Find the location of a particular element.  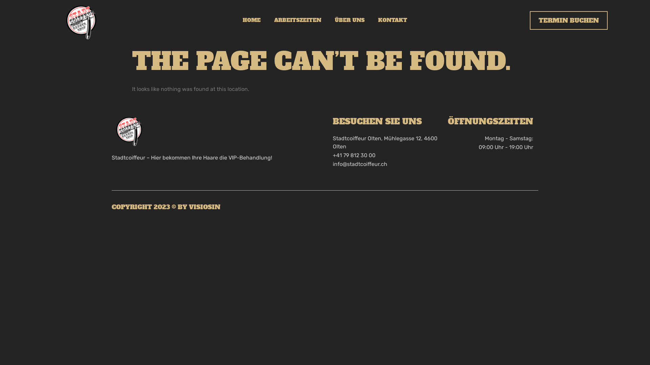

'KONTAKT' is located at coordinates (393, 20).